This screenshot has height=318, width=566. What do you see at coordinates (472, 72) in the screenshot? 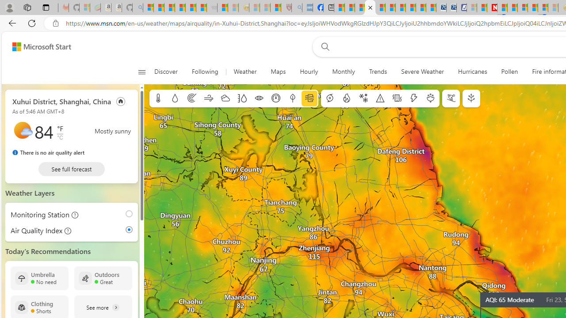
I see `'Hurricanes'` at bounding box center [472, 72].